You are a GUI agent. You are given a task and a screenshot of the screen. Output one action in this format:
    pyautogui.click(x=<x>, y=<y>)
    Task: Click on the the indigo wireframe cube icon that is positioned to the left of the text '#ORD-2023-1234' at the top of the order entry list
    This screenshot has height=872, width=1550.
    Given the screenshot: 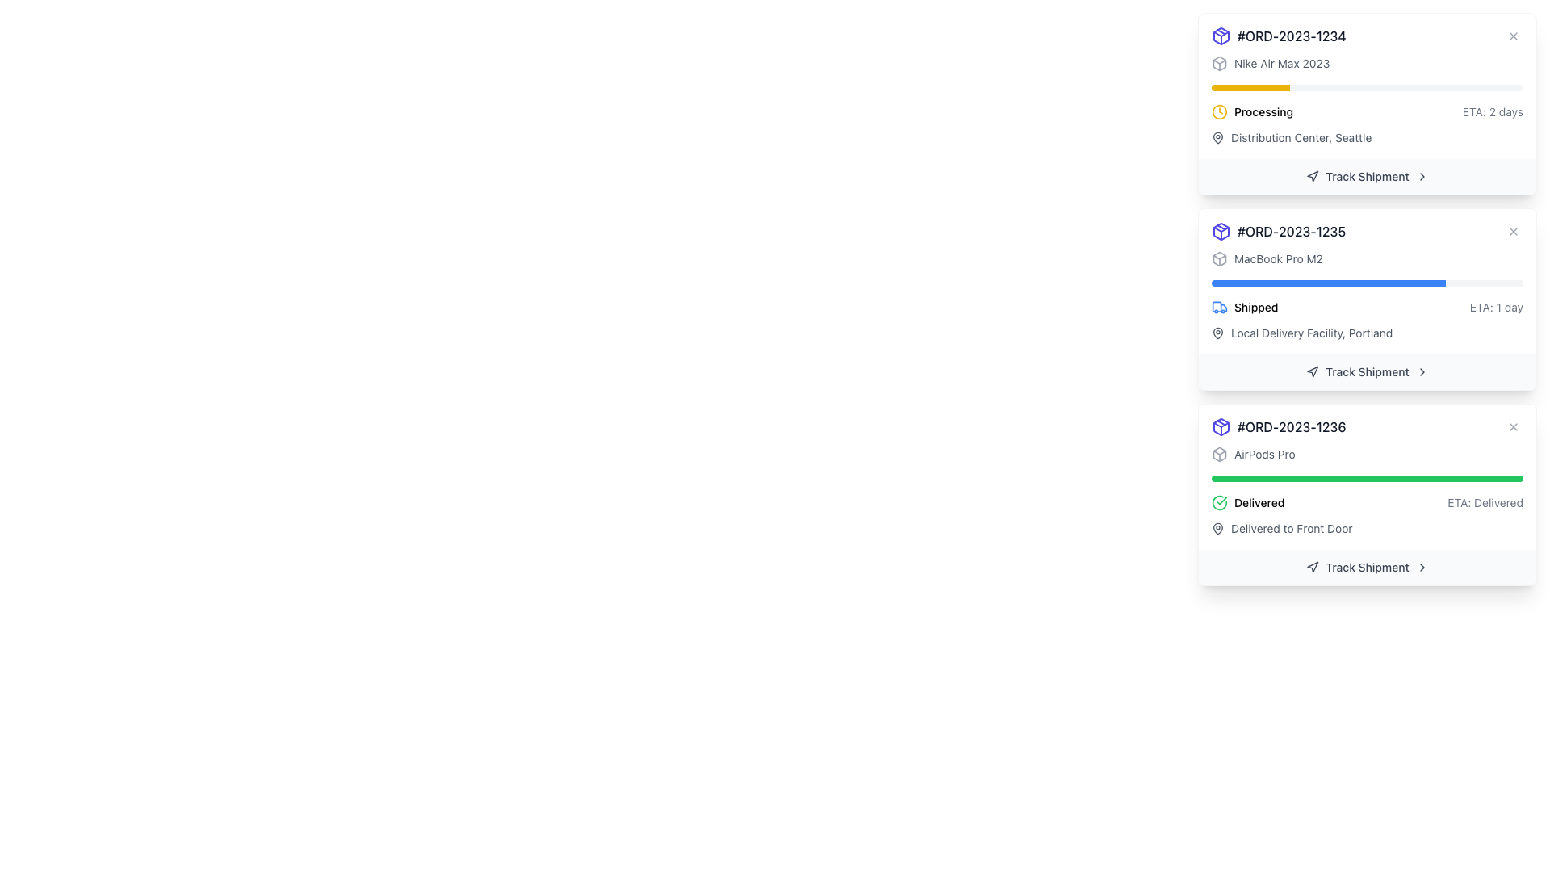 What is the action you would take?
    pyautogui.click(x=1221, y=36)
    